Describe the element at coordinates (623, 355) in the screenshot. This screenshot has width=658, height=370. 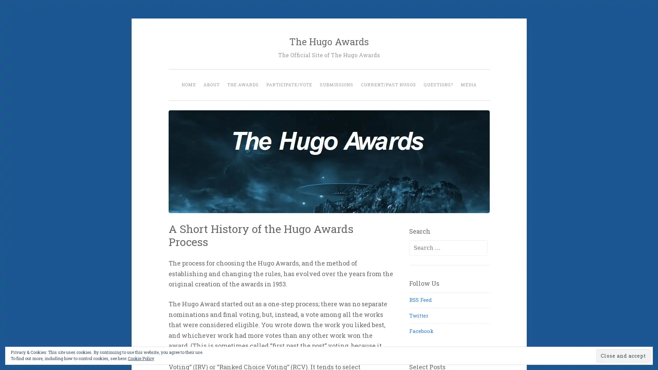
I see `Close and accept` at that location.